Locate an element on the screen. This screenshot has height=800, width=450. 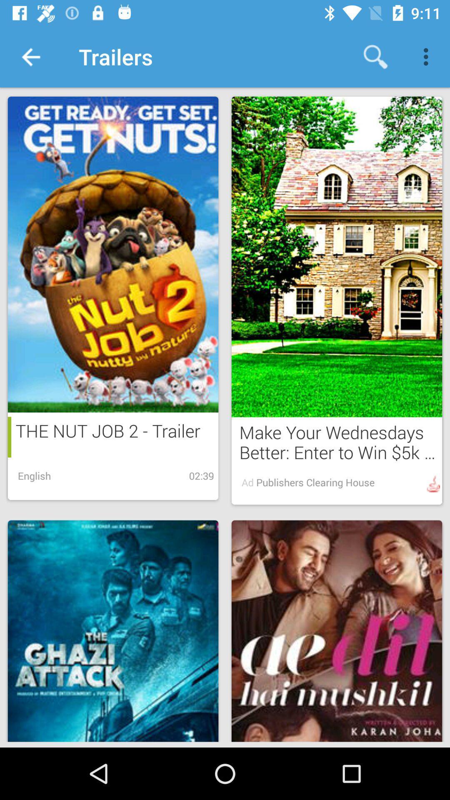
the icon next to the trailers  app is located at coordinates (30, 56).